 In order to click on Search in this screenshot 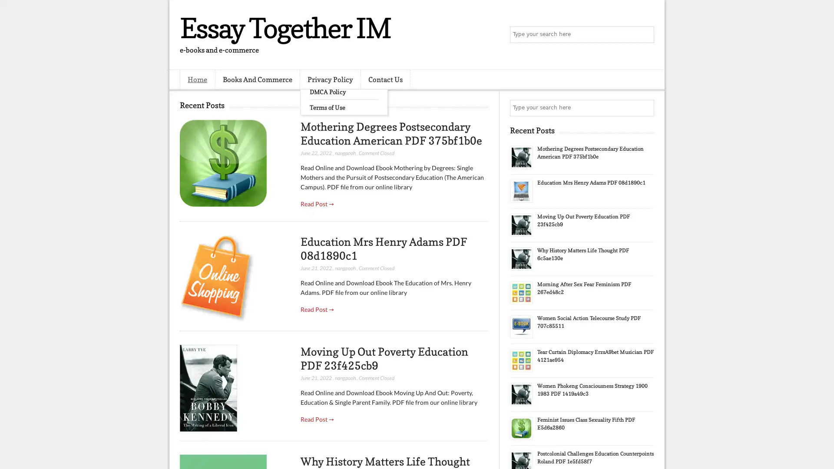, I will do `click(645, 108)`.